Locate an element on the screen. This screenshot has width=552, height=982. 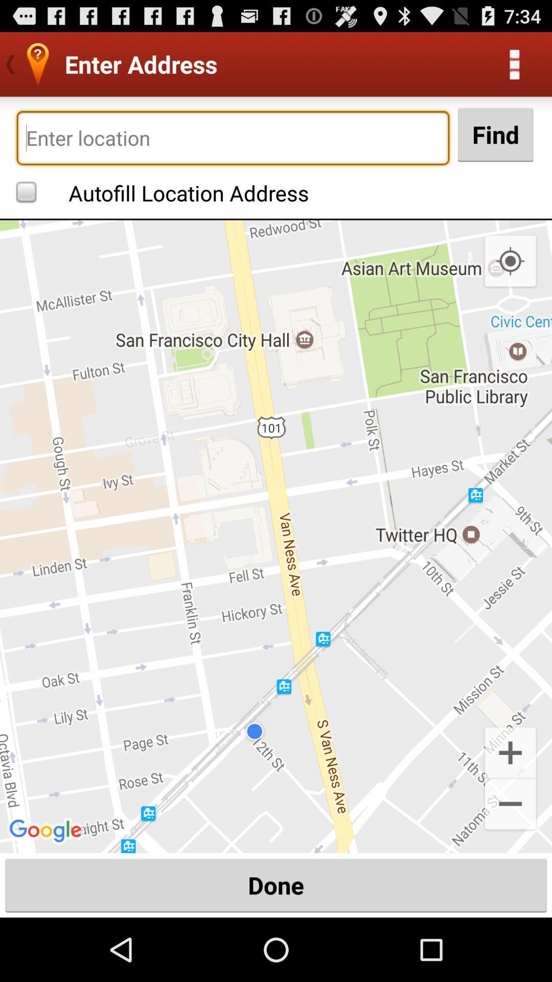
the autofill location address checkbox is located at coordinates (165, 192).